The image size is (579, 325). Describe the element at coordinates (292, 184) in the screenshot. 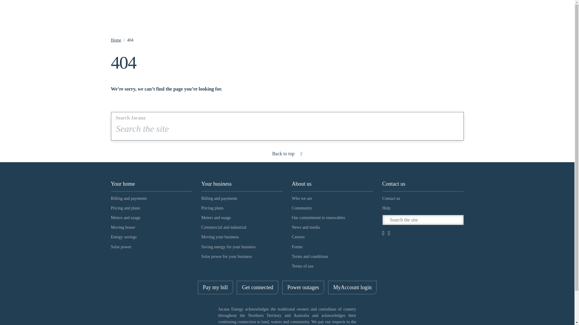

I see `'About us'` at that location.